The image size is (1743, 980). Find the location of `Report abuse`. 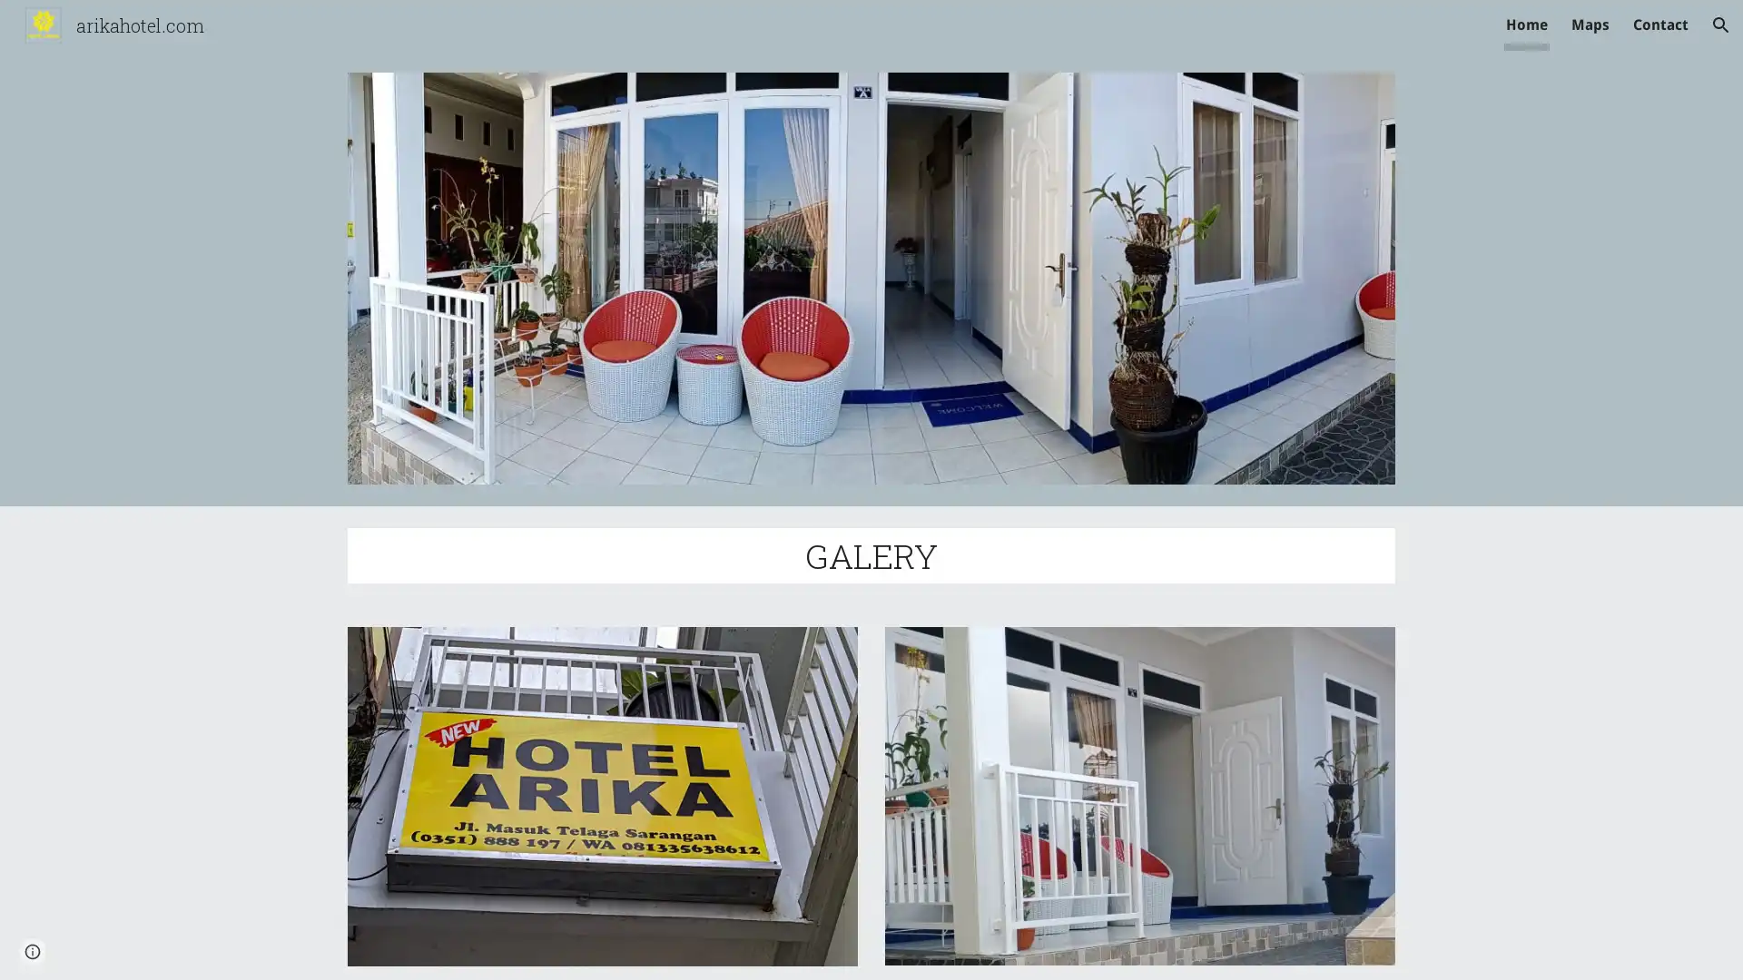

Report abuse is located at coordinates (218, 947).